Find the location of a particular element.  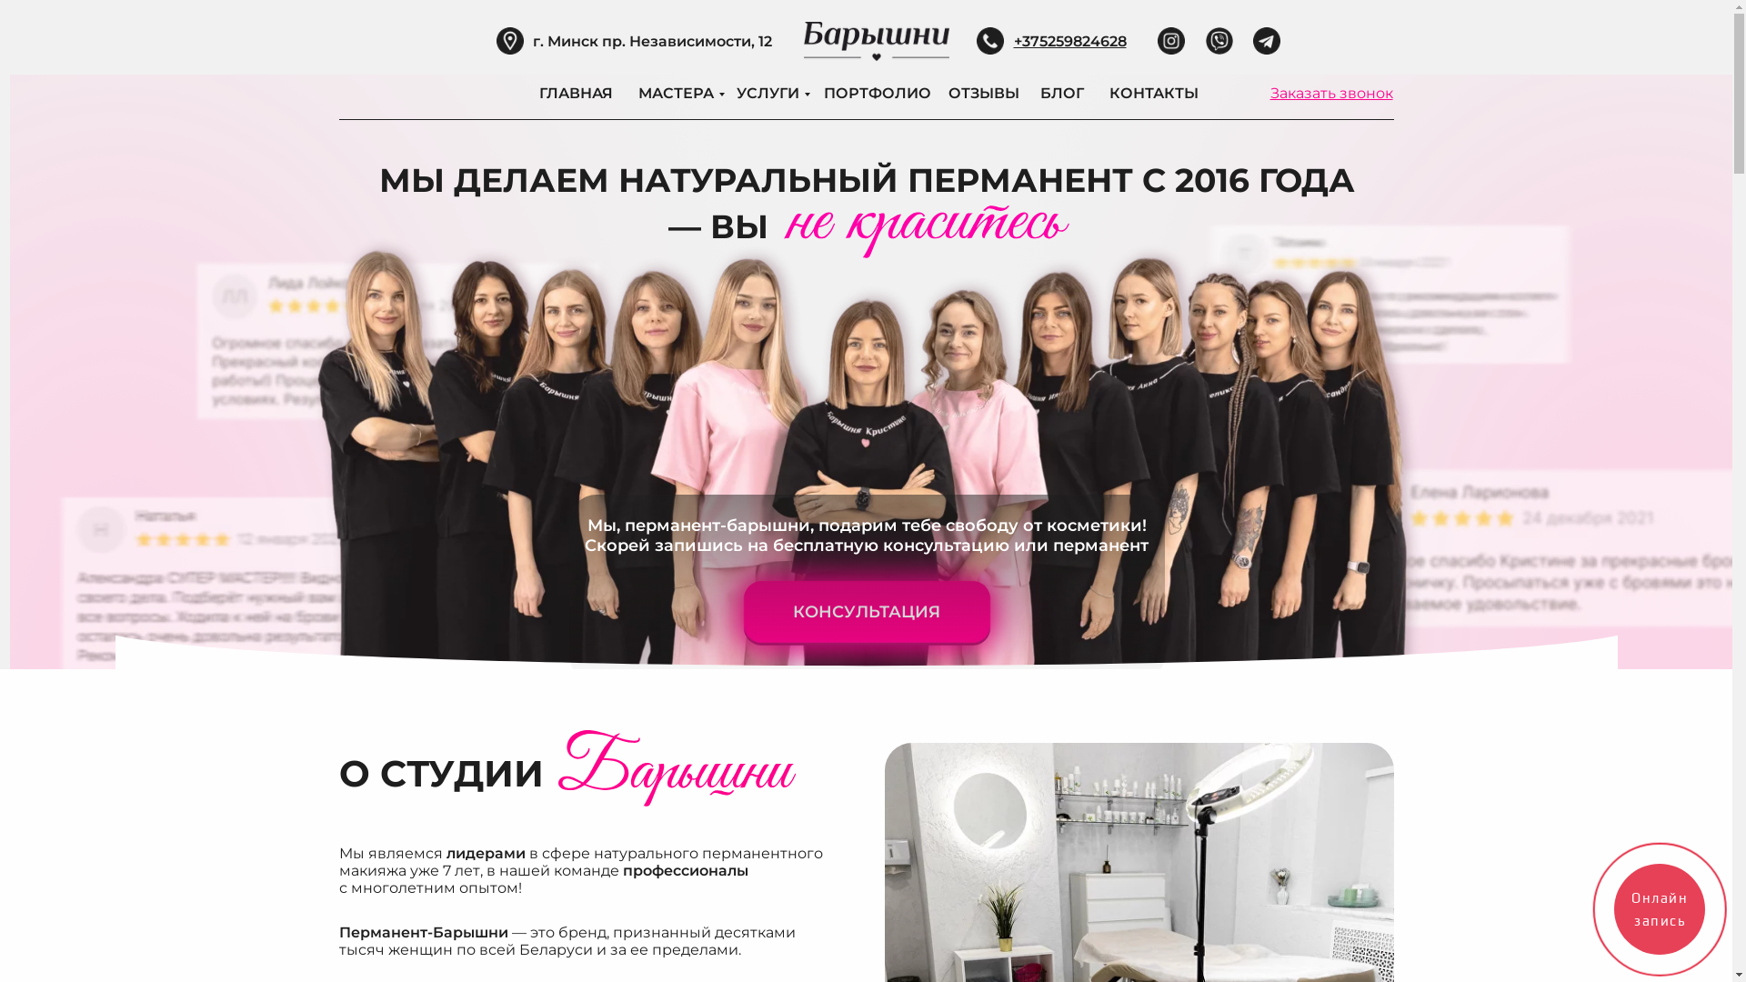

'+375259824628' is located at coordinates (1069, 41).